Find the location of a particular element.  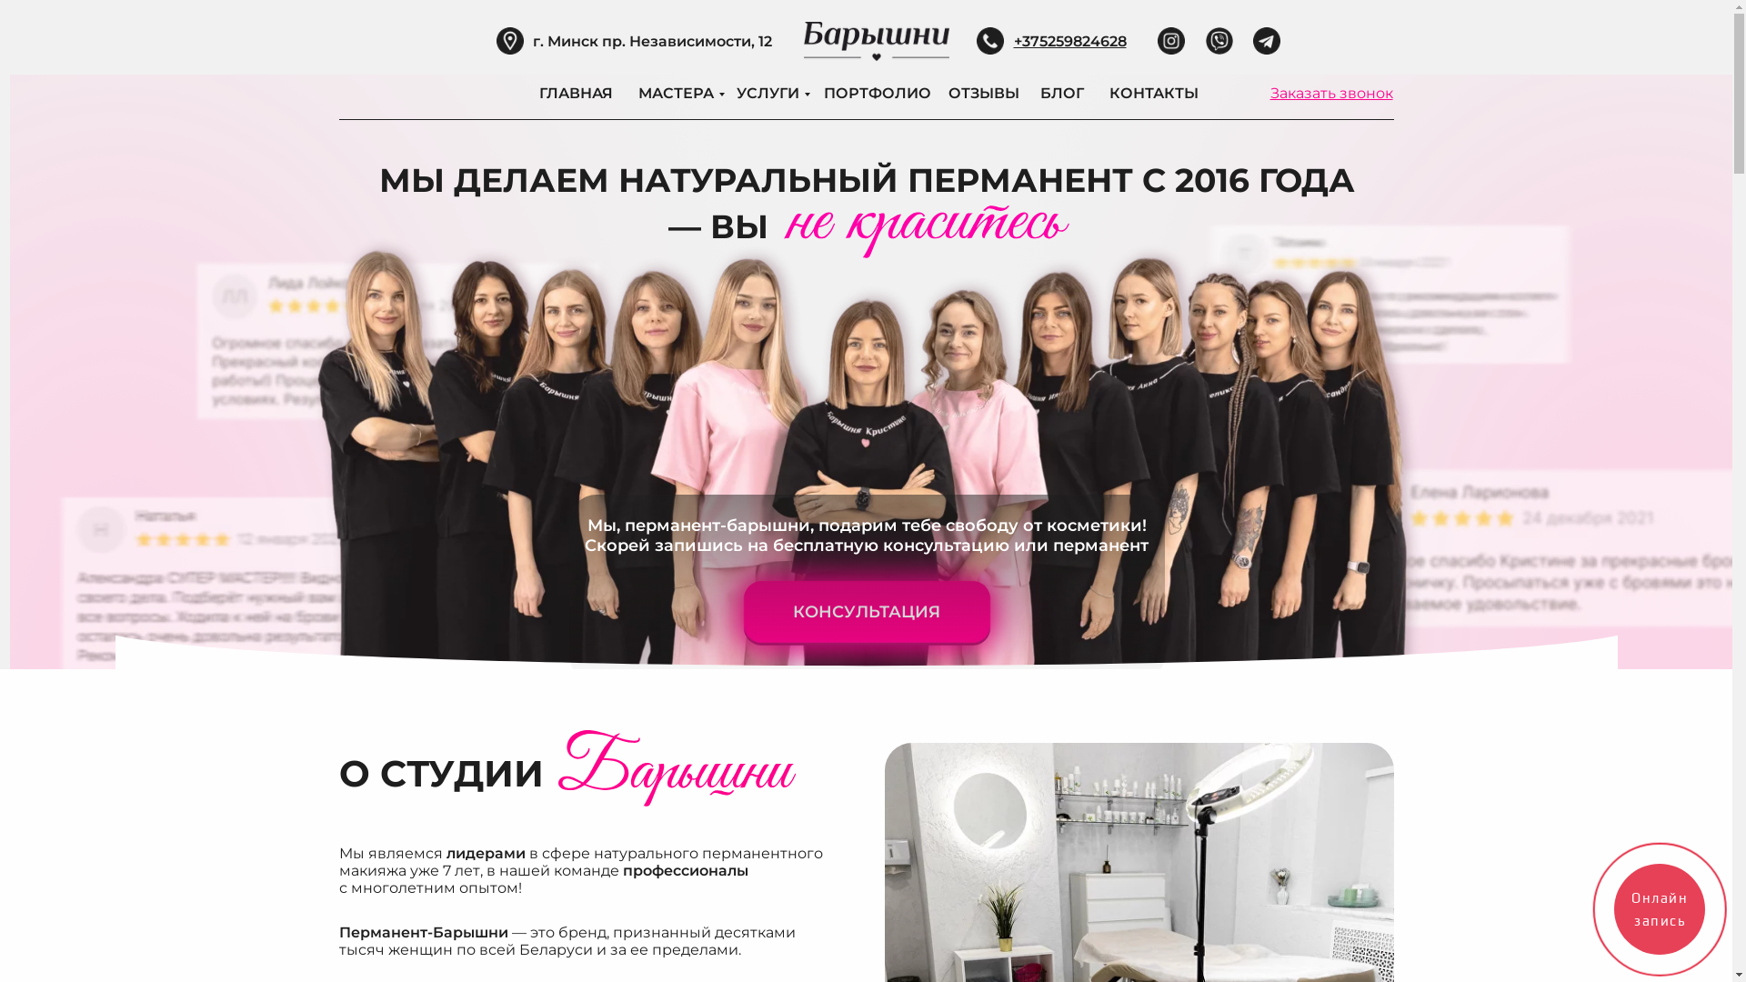

'+375259824628' is located at coordinates (1069, 41).